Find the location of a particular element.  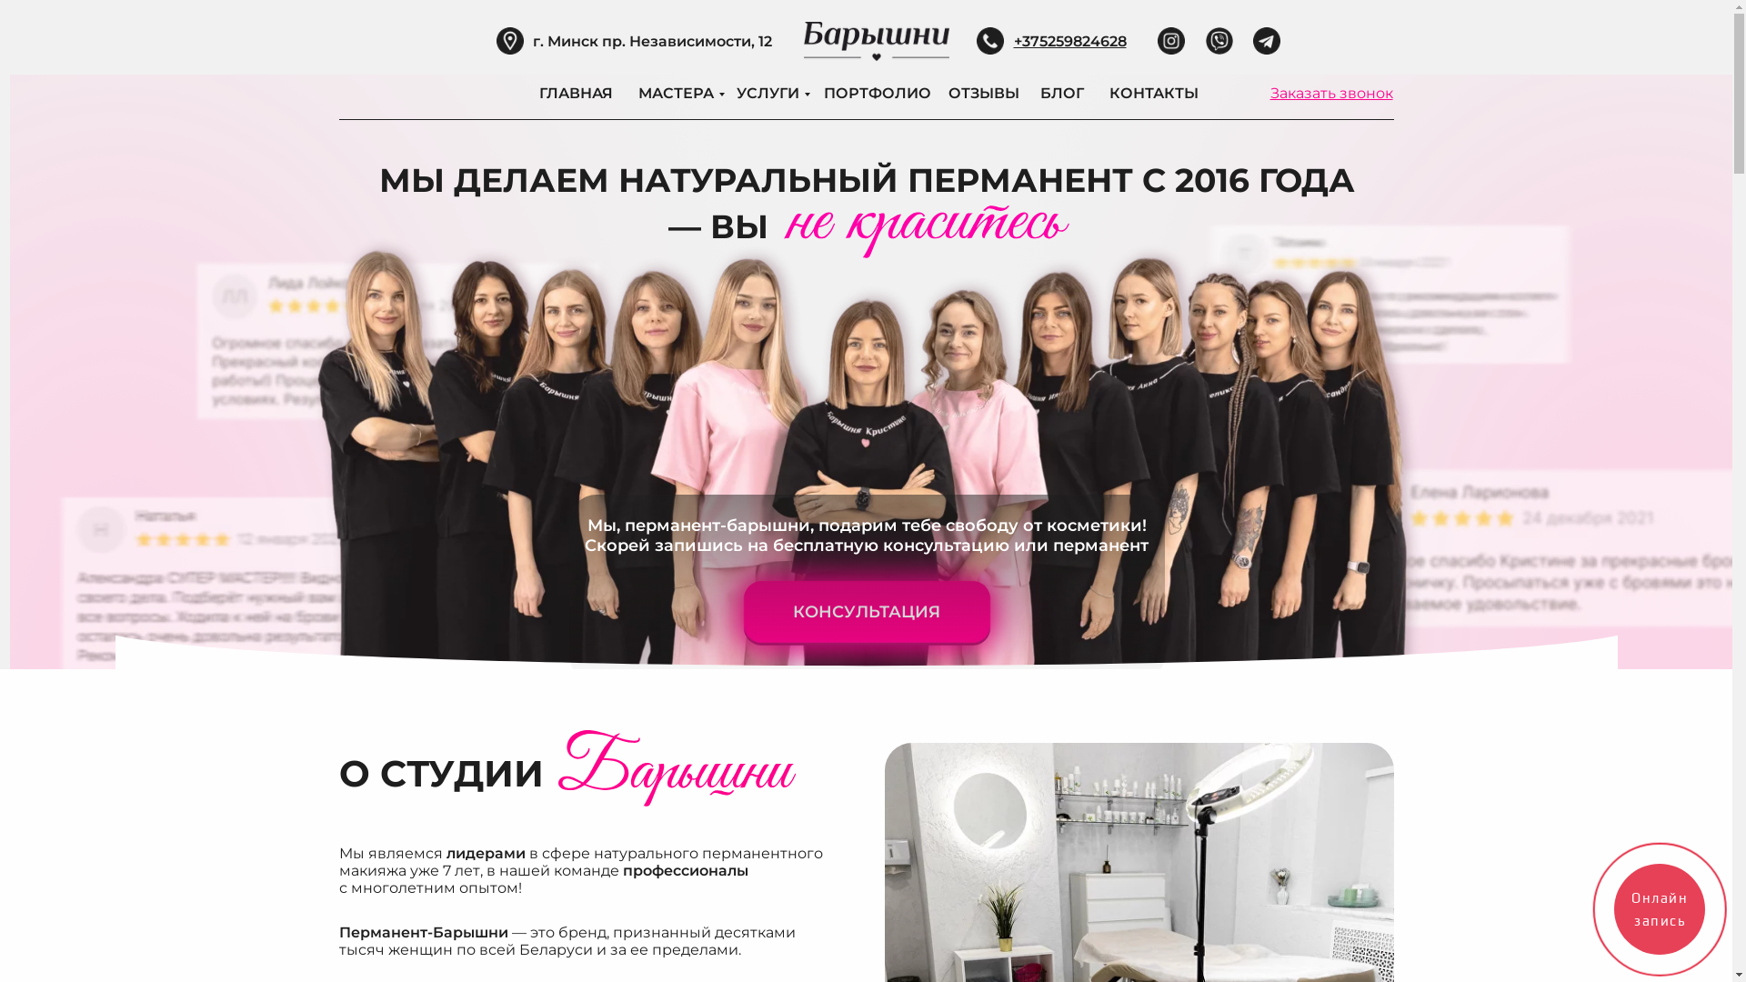

'+375259824628' is located at coordinates (1069, 41).